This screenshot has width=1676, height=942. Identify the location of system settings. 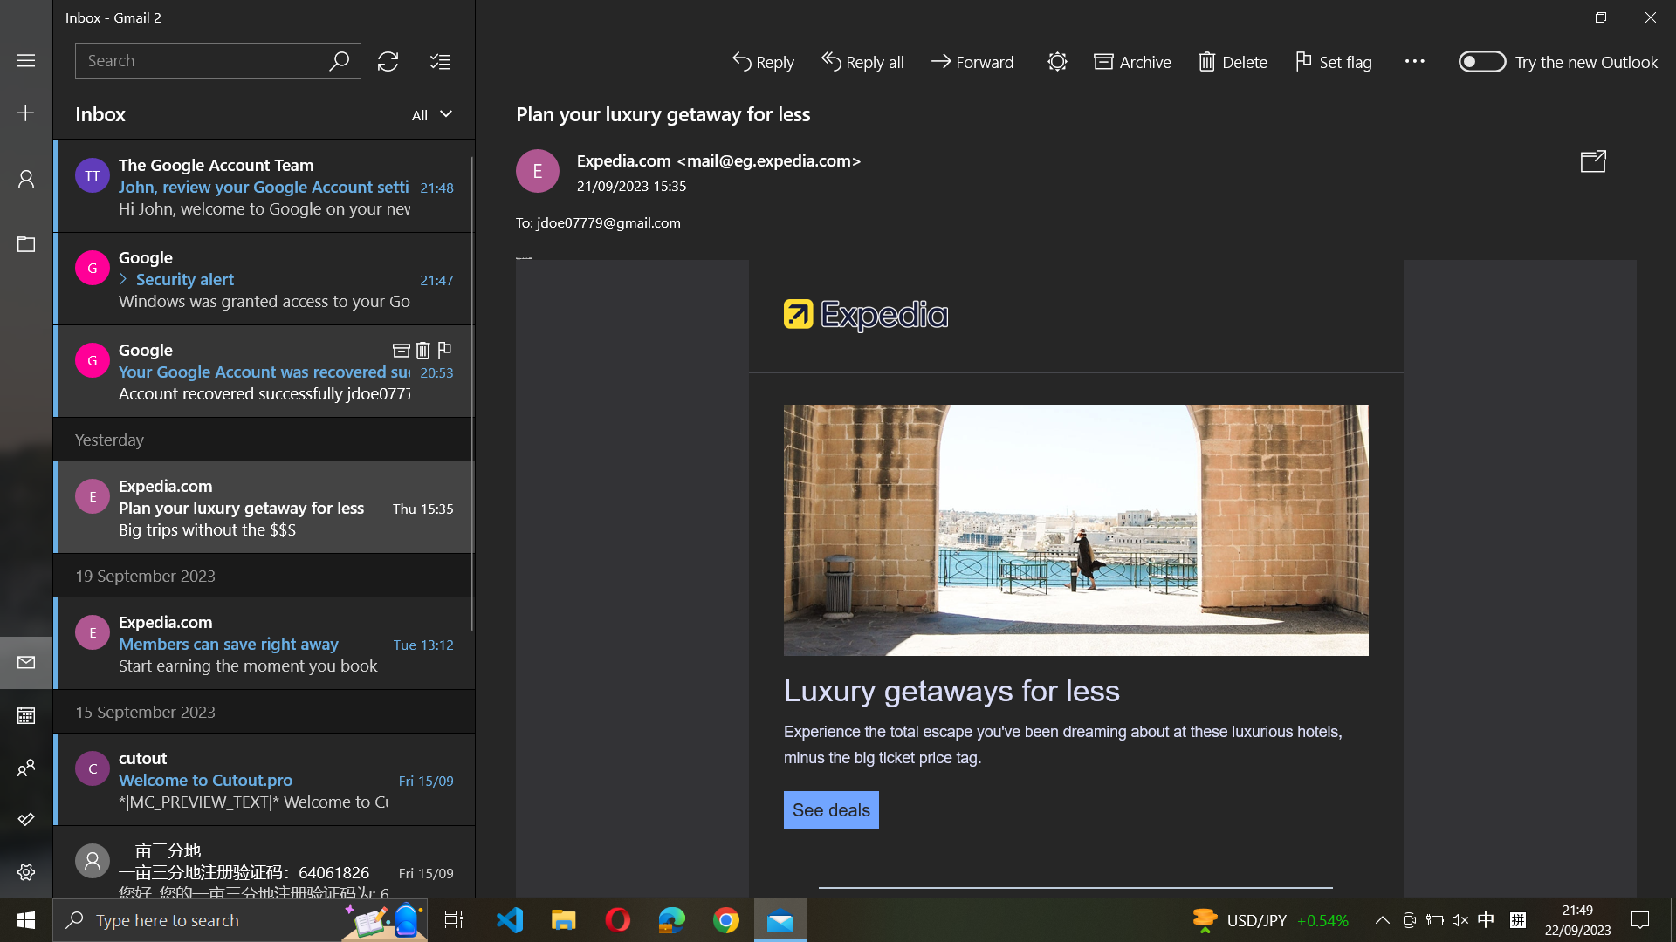
(25, 874).